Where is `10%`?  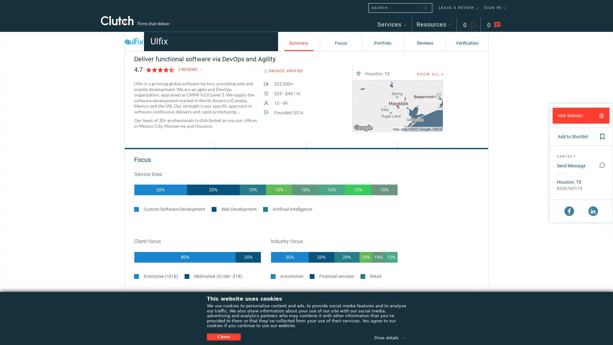 10% is located at coordinates (279, 189).